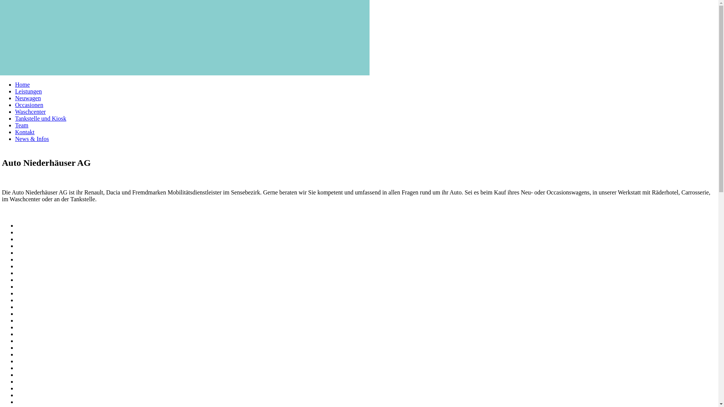 The image size is (724, 407). Describe the element at coordinates (15, 125) in the screenshot. I see `'Team'` at that location.